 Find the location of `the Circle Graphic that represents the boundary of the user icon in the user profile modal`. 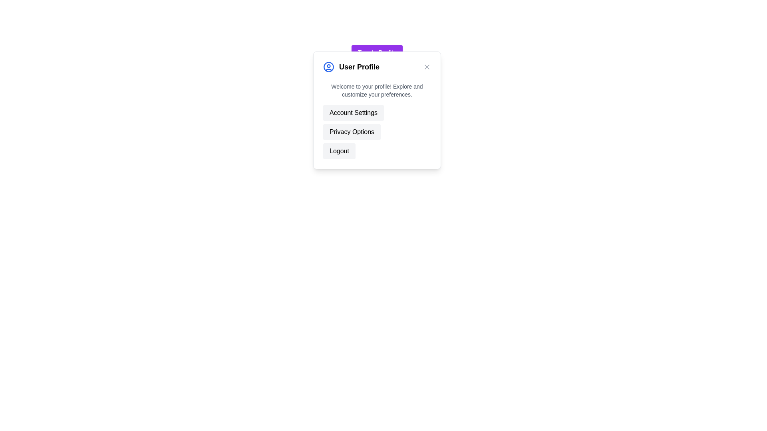

the Circle Graphic that represents the boundary of the user icon in the user profile modal is located at coordinates (328, 67).